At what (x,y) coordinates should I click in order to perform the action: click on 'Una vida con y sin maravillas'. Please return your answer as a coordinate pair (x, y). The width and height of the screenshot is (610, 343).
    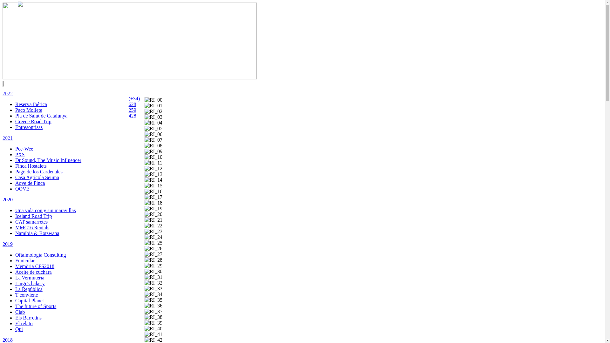
    Looking at the image, I should click on (45, 210).